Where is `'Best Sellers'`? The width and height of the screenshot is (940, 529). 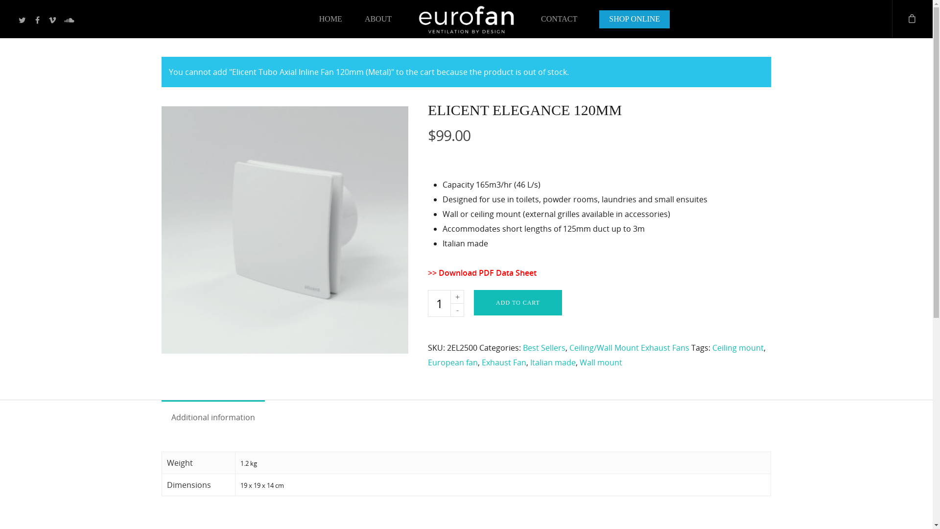
'Best Sellers' is located at coordinates (543, 347).